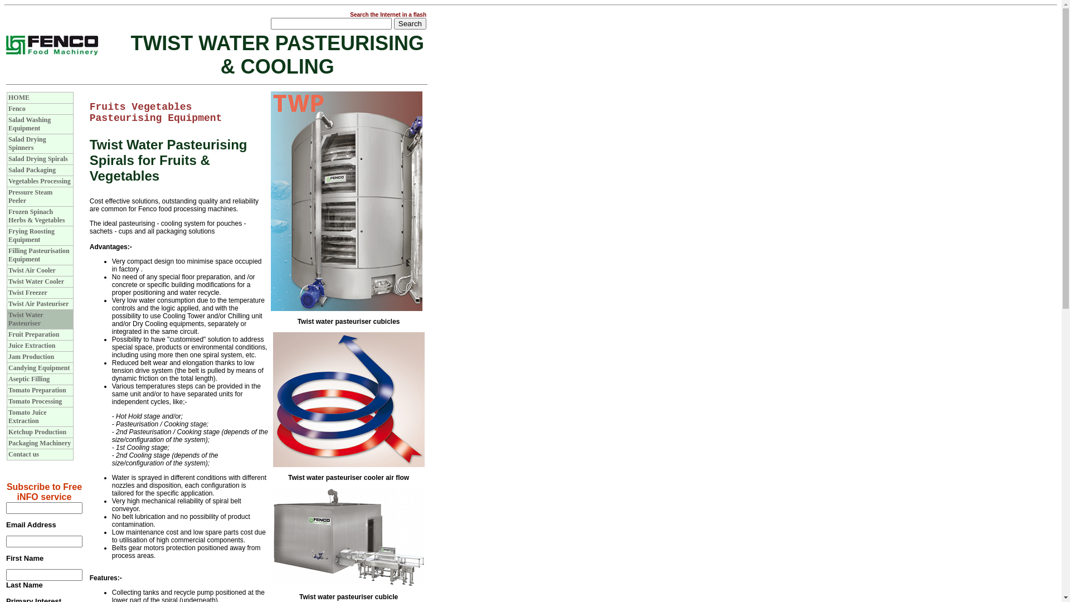 The width and height of the screenshot is (1070, 602). I want to click on 'Twist Freezer', so click(27, 292).